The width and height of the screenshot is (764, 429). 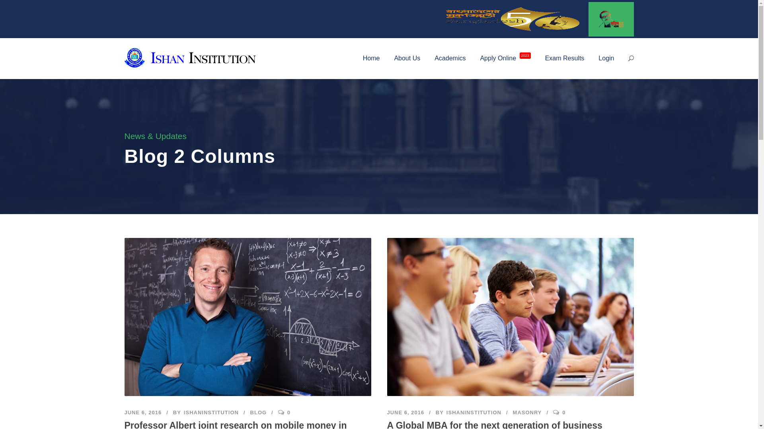 I want to click on 'Exam Results', so click(x=564, y=64).